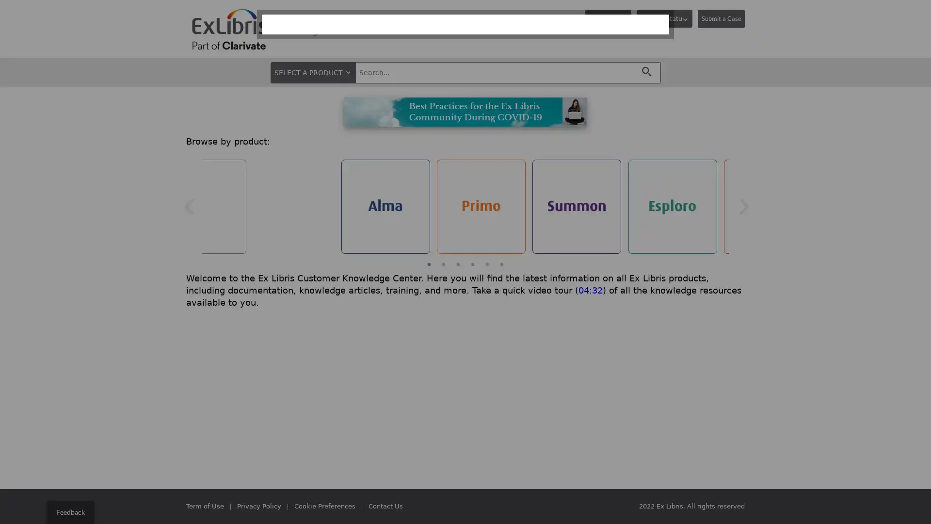 The height and width of the screenshot is (524, 931). Describe the element at coordinates (721, 18) in the screenshot. I see `Submit a Case` at that location.